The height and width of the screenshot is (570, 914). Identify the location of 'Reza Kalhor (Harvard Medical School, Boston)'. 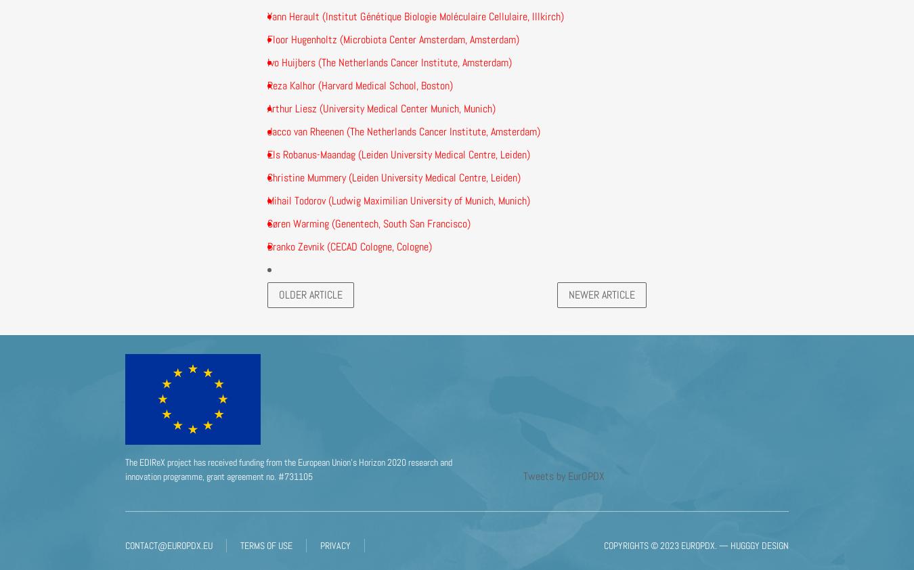
(360, 84).